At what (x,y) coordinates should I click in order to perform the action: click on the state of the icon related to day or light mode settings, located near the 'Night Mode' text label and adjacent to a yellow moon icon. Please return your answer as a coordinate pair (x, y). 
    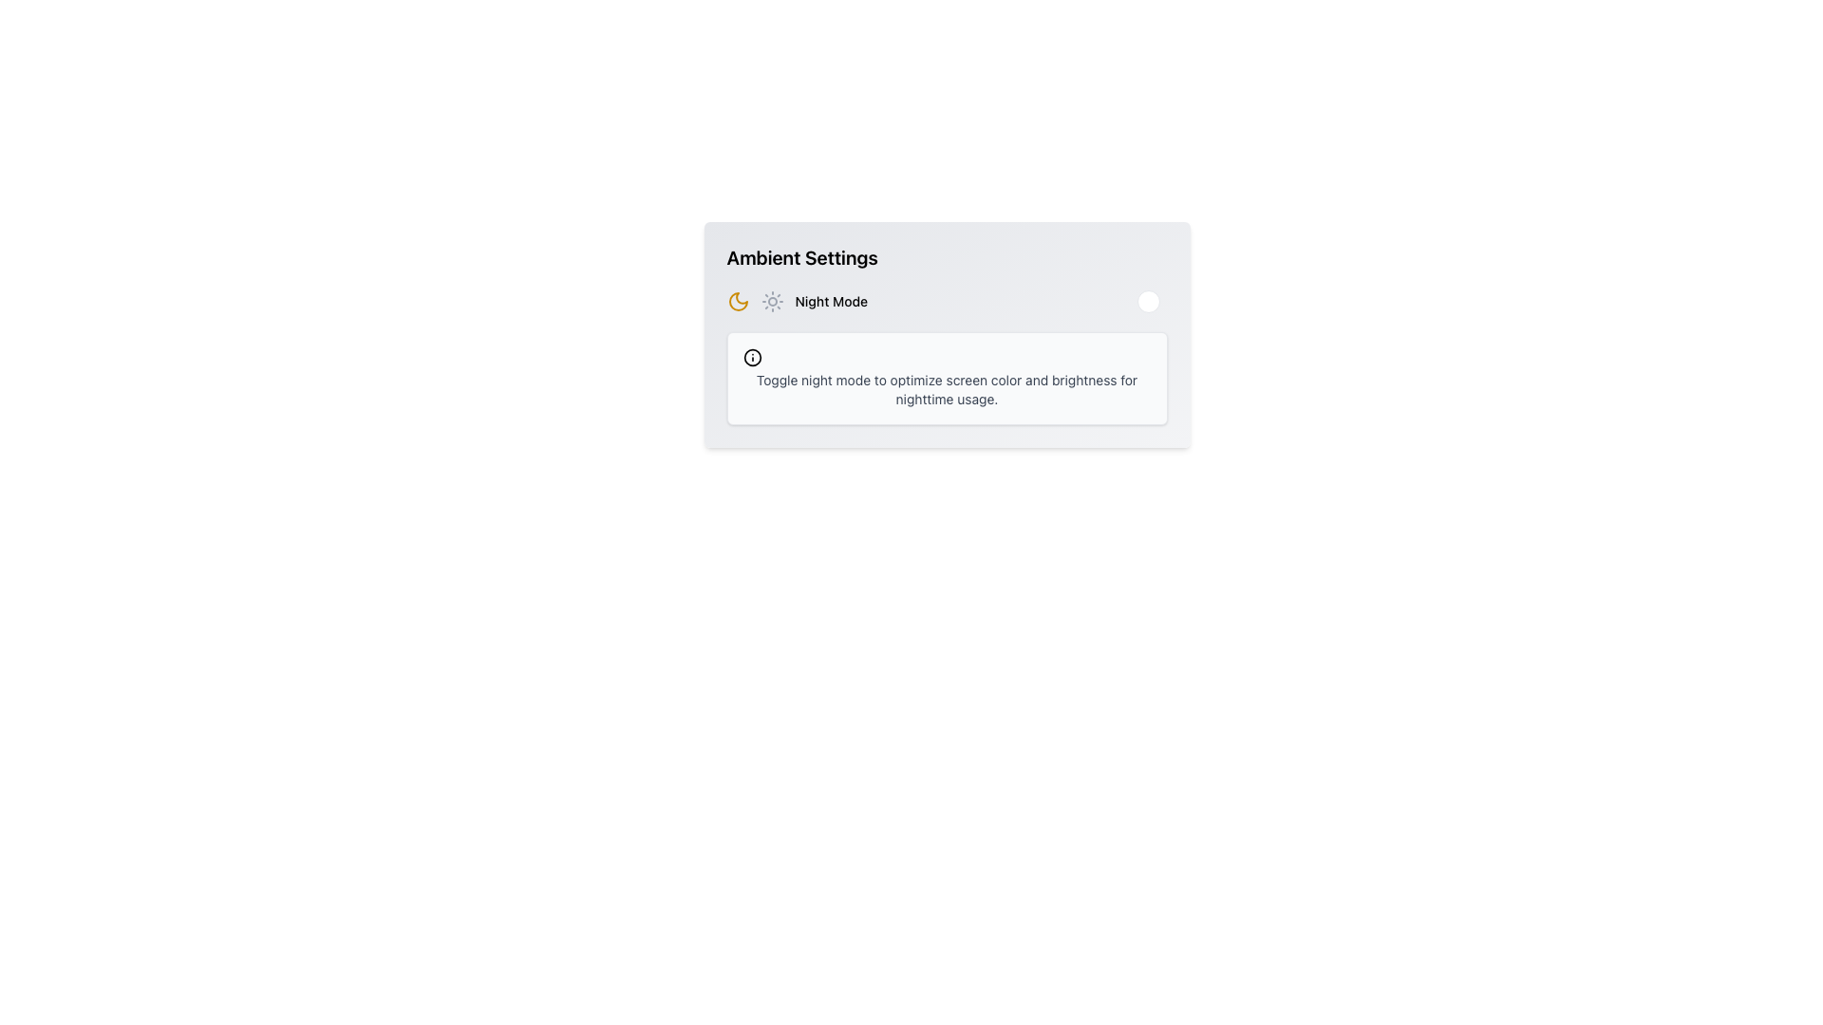
    Looking at the image, I should click on (772, 300).